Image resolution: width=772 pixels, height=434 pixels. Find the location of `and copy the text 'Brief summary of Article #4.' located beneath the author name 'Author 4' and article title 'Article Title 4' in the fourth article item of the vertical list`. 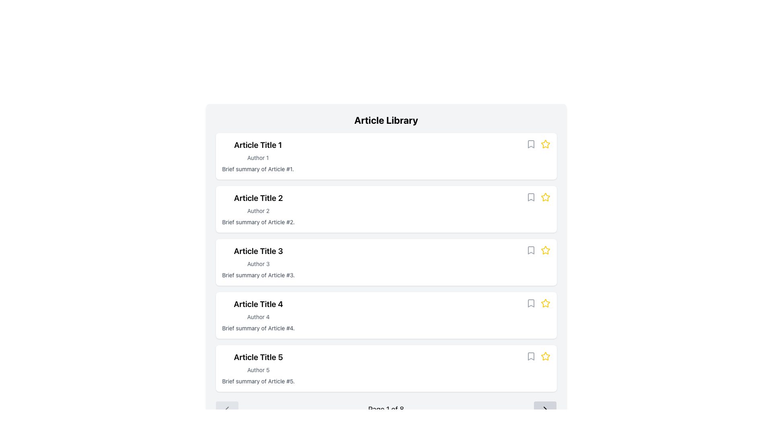

and copy the text 'Brief summary of Article #4.' located beneath the author name 'Author 4' and article title 'Article Title 4' in the fourth article item of the vertical list is located at coordinates (258, 328).